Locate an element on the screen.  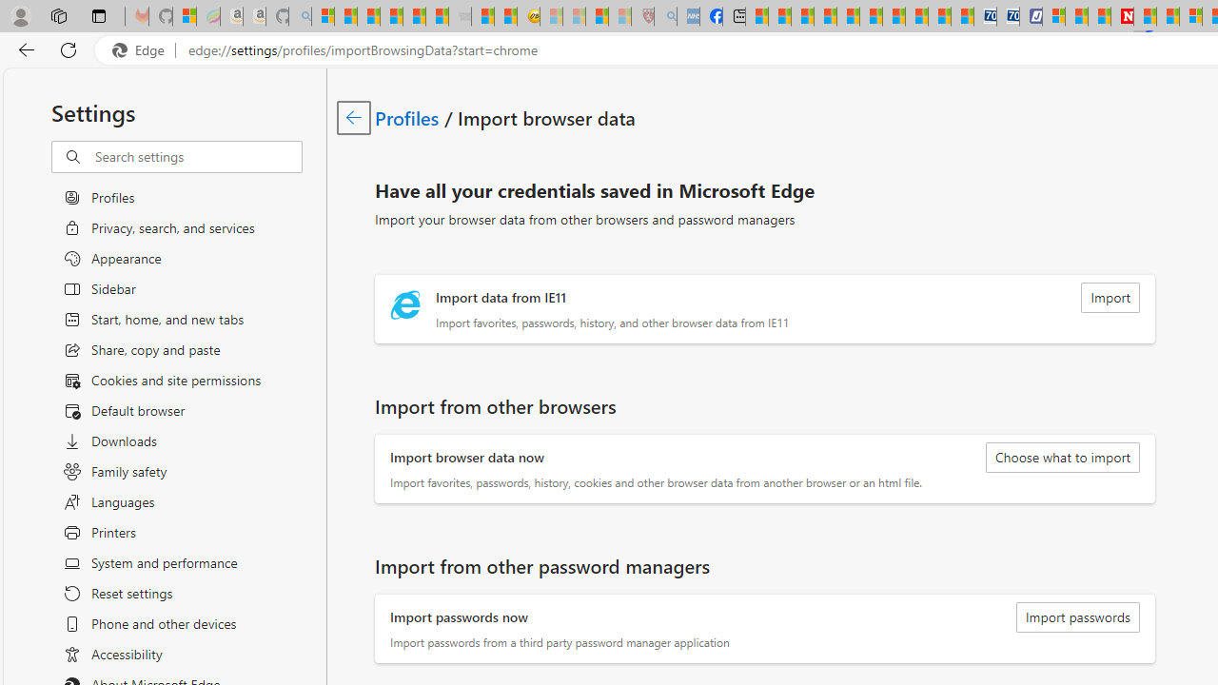
'Edge' is located at coordinates (142, 49).